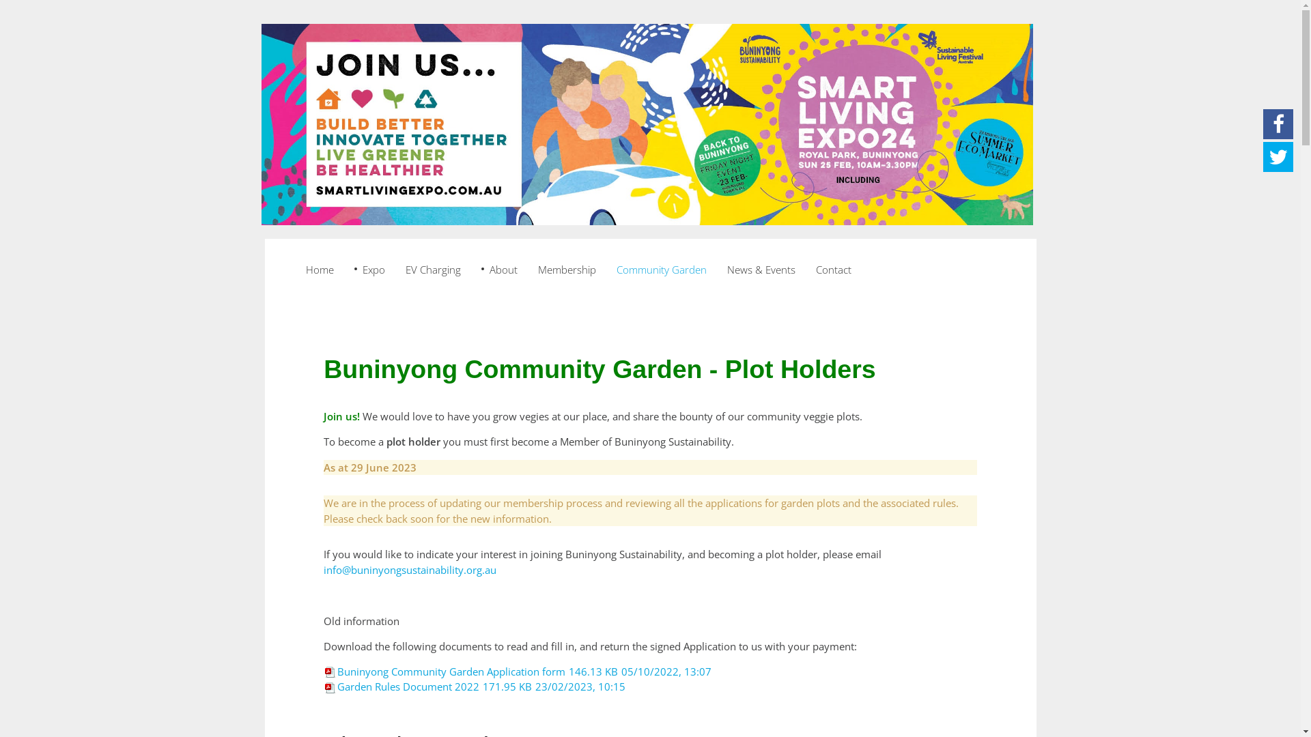 The height and width of the screenshot is (737, 1311). Describe the element at coordinates (369, 269) in the screenshot. I see `'Expo'` at that location.